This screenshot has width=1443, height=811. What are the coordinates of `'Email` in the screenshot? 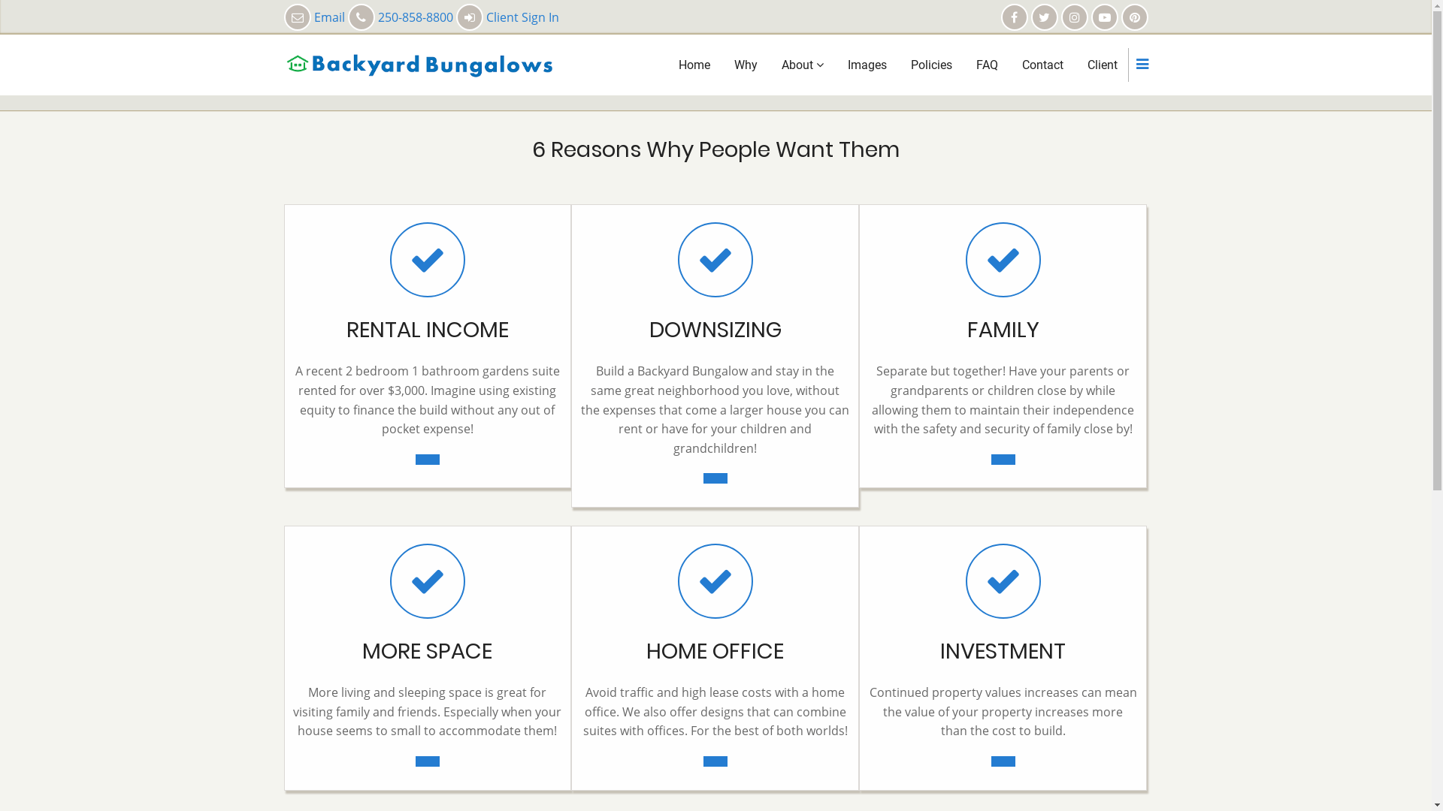 It's located at (370, 17).